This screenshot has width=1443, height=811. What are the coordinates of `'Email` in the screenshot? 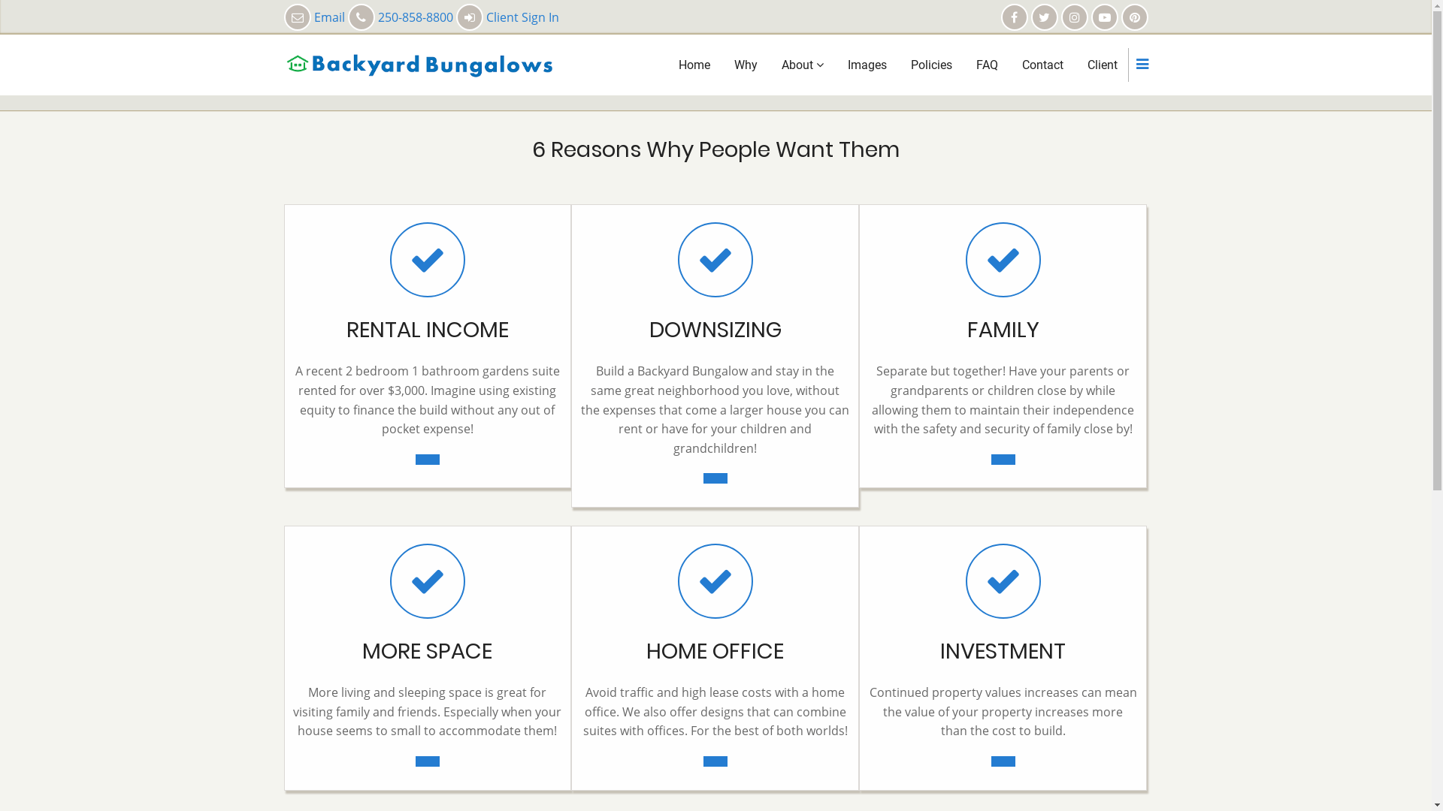 It's located at (370, 17).